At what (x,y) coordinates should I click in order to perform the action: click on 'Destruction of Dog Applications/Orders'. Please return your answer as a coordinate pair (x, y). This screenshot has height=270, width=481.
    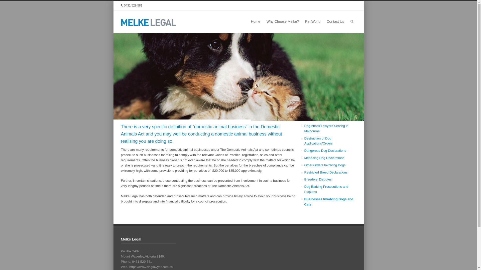
    Looking at the image, I should click on (318, 141).